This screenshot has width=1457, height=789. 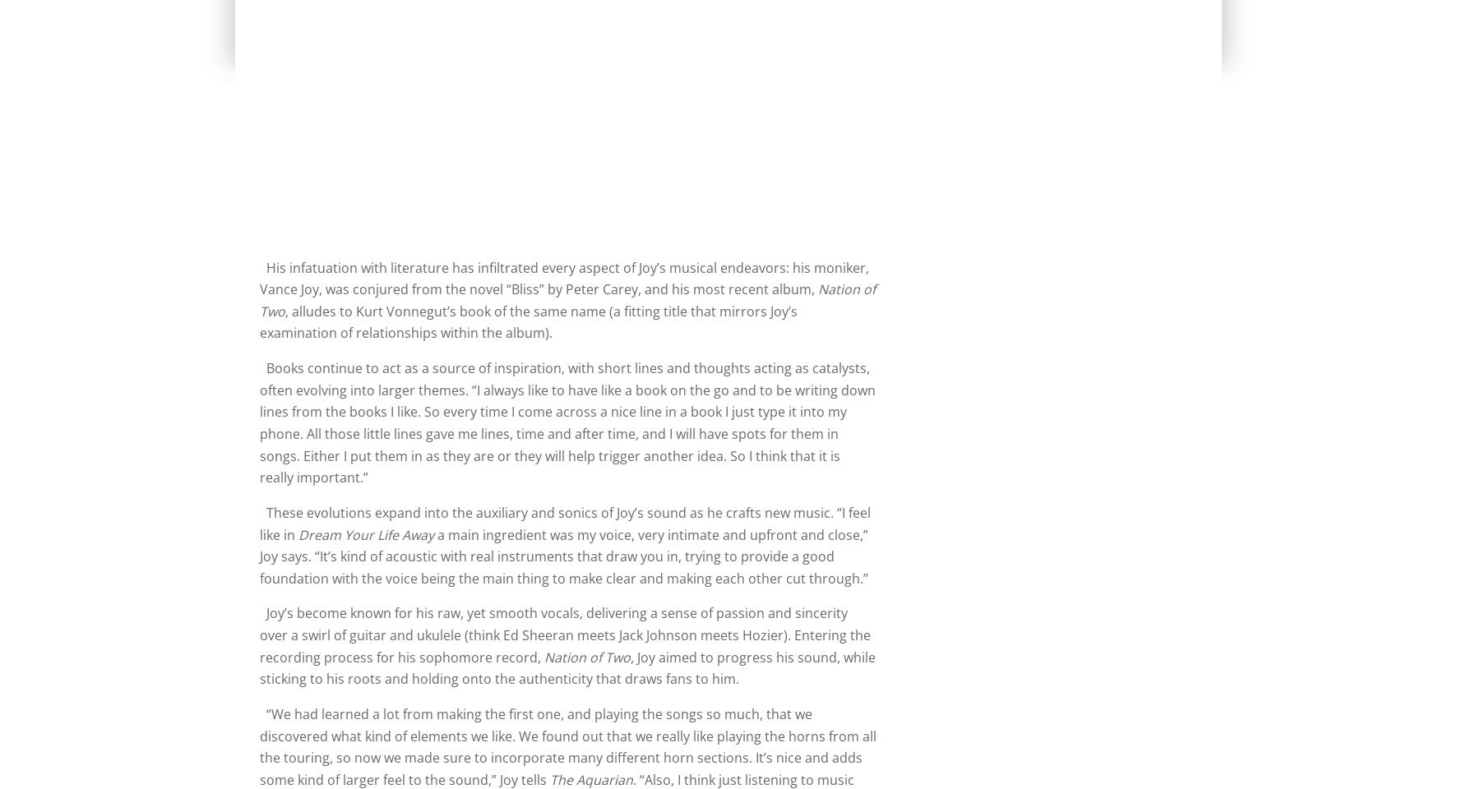 I want to click on 'a main ingredient was my voice, very intimate and upfront and close,” Joy says. “It’s kind of acoustic with real instruments that draw you in, trying to provide a good foundation with the voice being the main thing to make clear and making each other cut through.”', so click(x=258, y=556).